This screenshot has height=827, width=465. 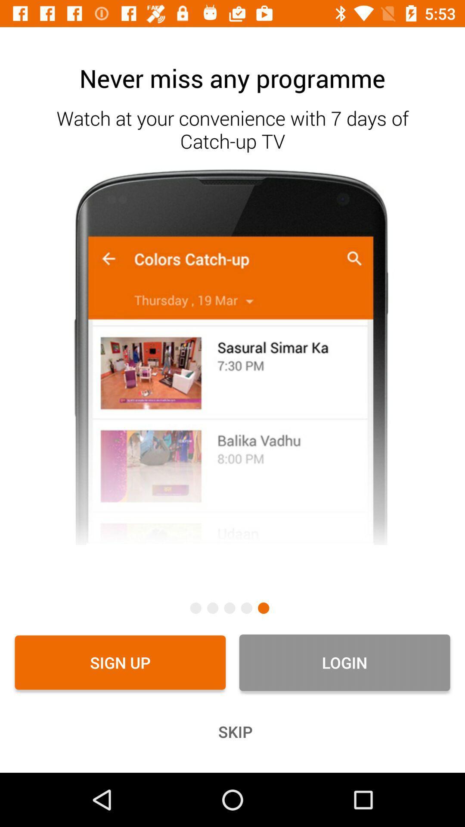 I want to click on the item to the left of the login, so click(x=120, y=662).